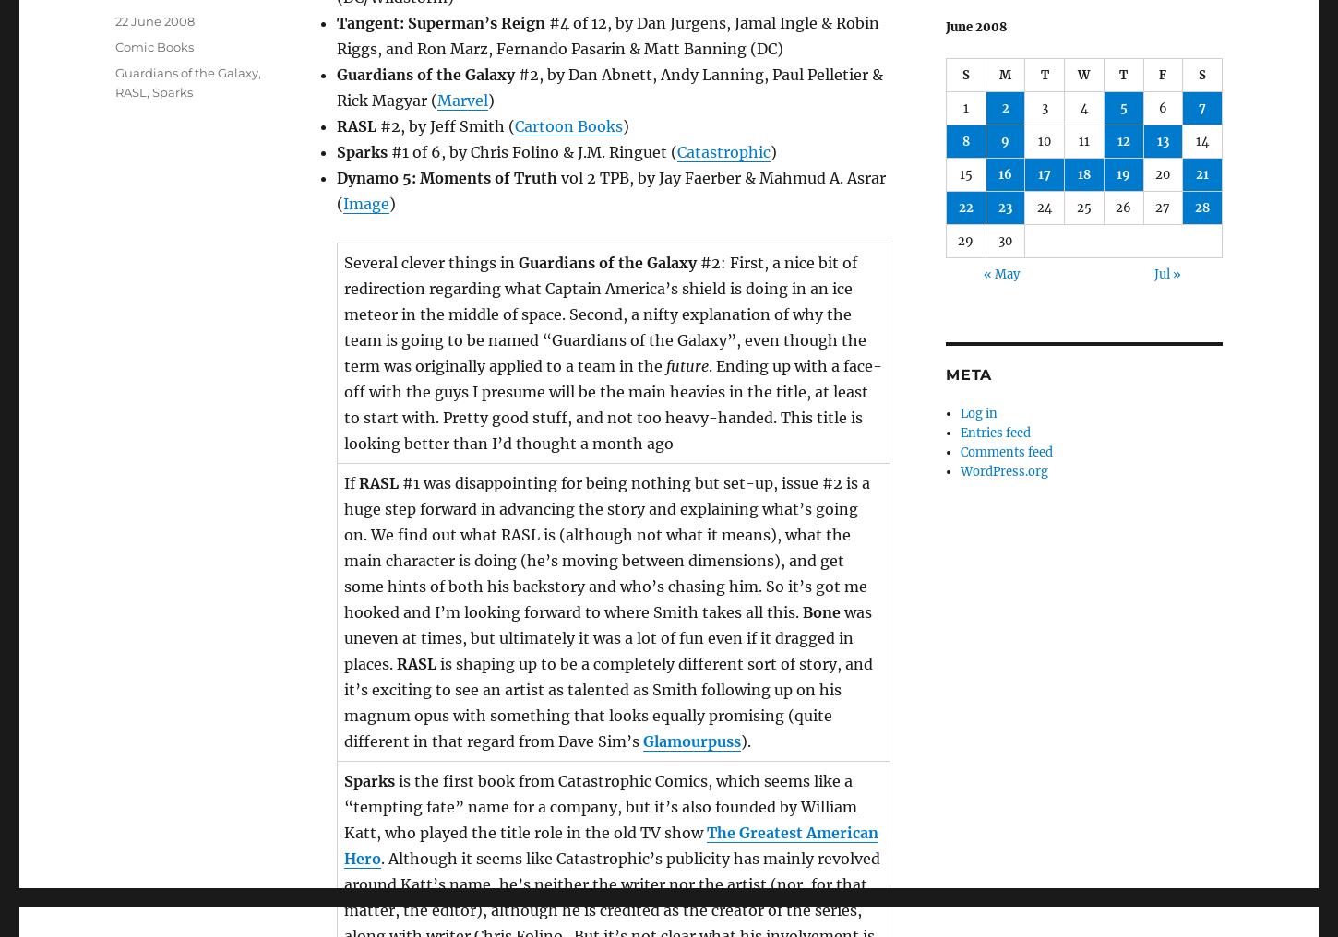 This screenshot has height=937, width=1338. I want to click on '#2, by Jeff Smith (', so click(376, 125).